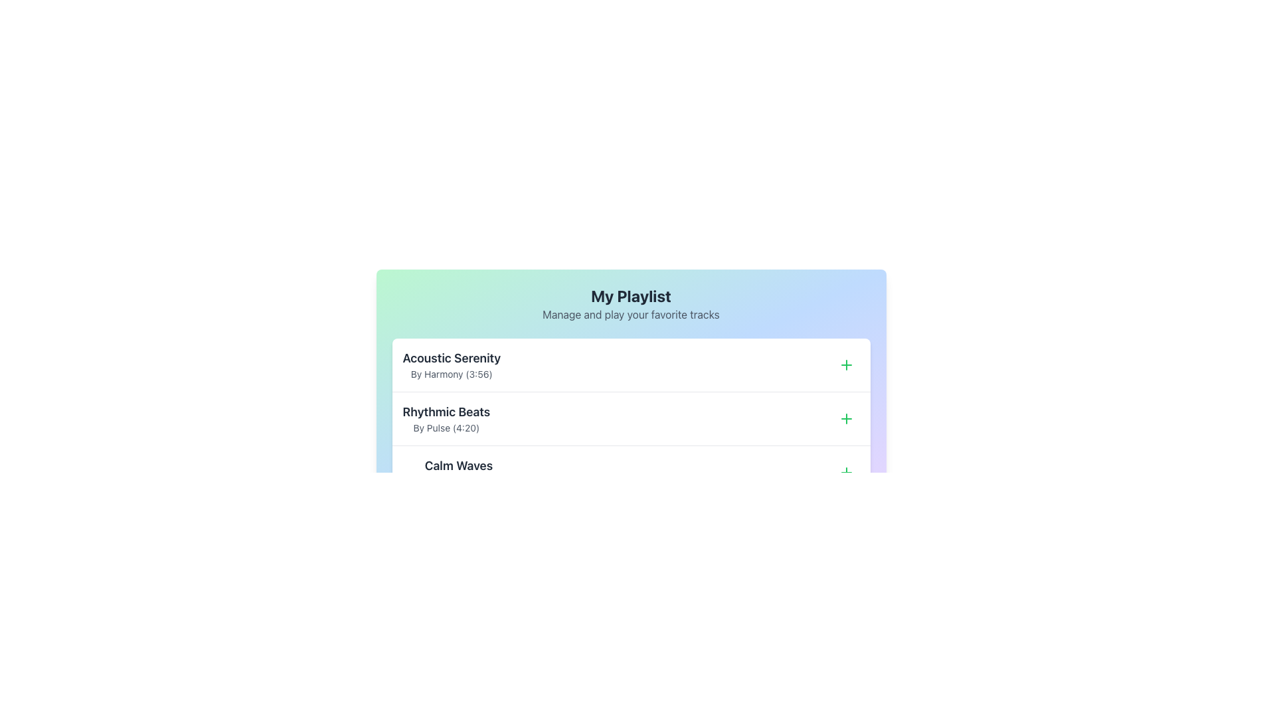  Describe the element at coordinates (446, 428) in the screenshot. I see `the text element displaying 'By Pulse (4:20)', which is styled in a smaller font size and gray color, located directly below the title 'Rhythmic Beats'` at that location.